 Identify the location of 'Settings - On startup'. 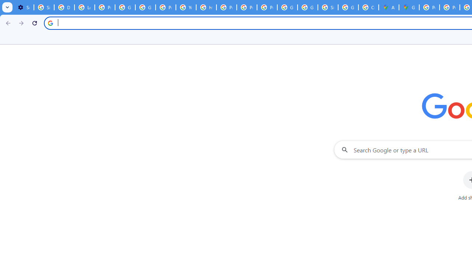
(24, 7).